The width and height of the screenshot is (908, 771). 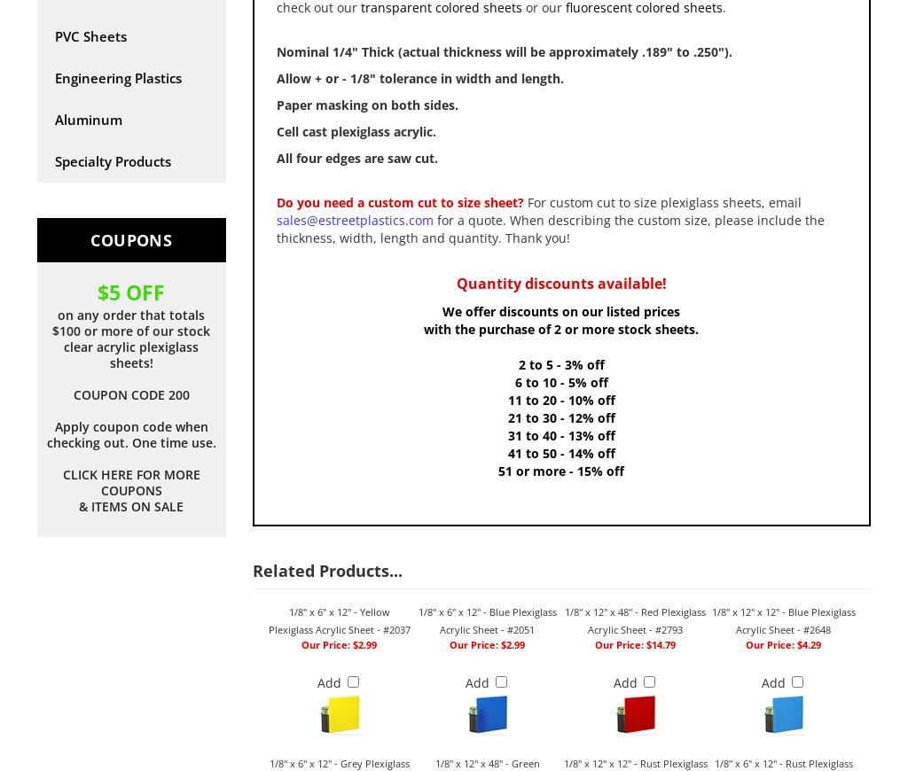 What do you see at coordinates (129, 505) in the screenshot?
I see `'& ITEMS ON SALE'` at bounding box center [129, 505].